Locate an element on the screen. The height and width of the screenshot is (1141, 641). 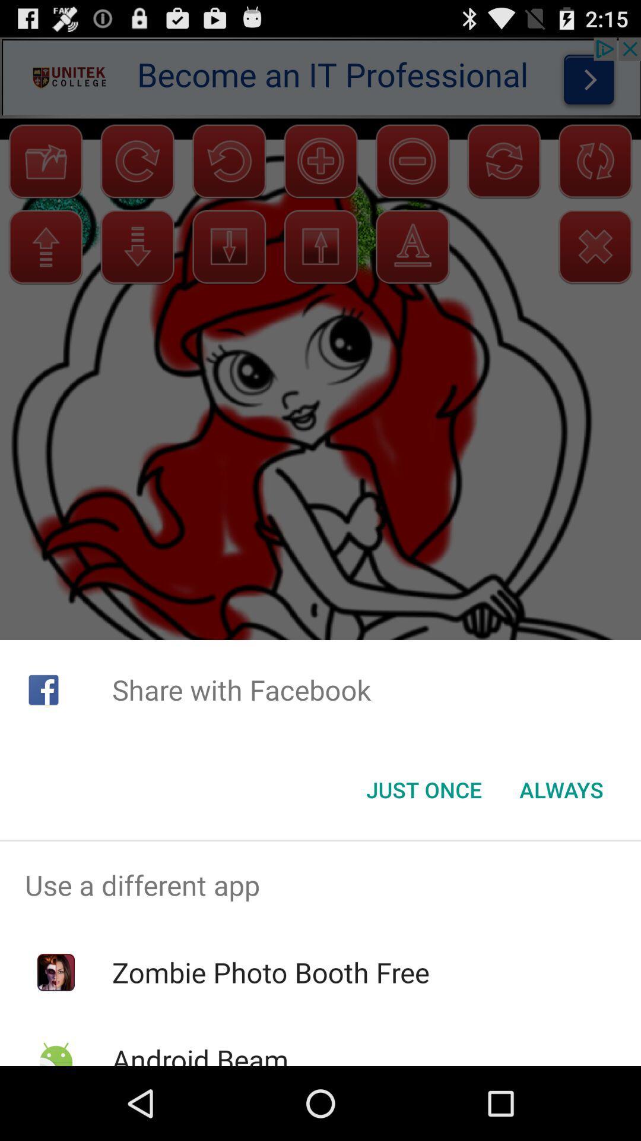
icon to the left of the always is located at coordinates (423, 790).